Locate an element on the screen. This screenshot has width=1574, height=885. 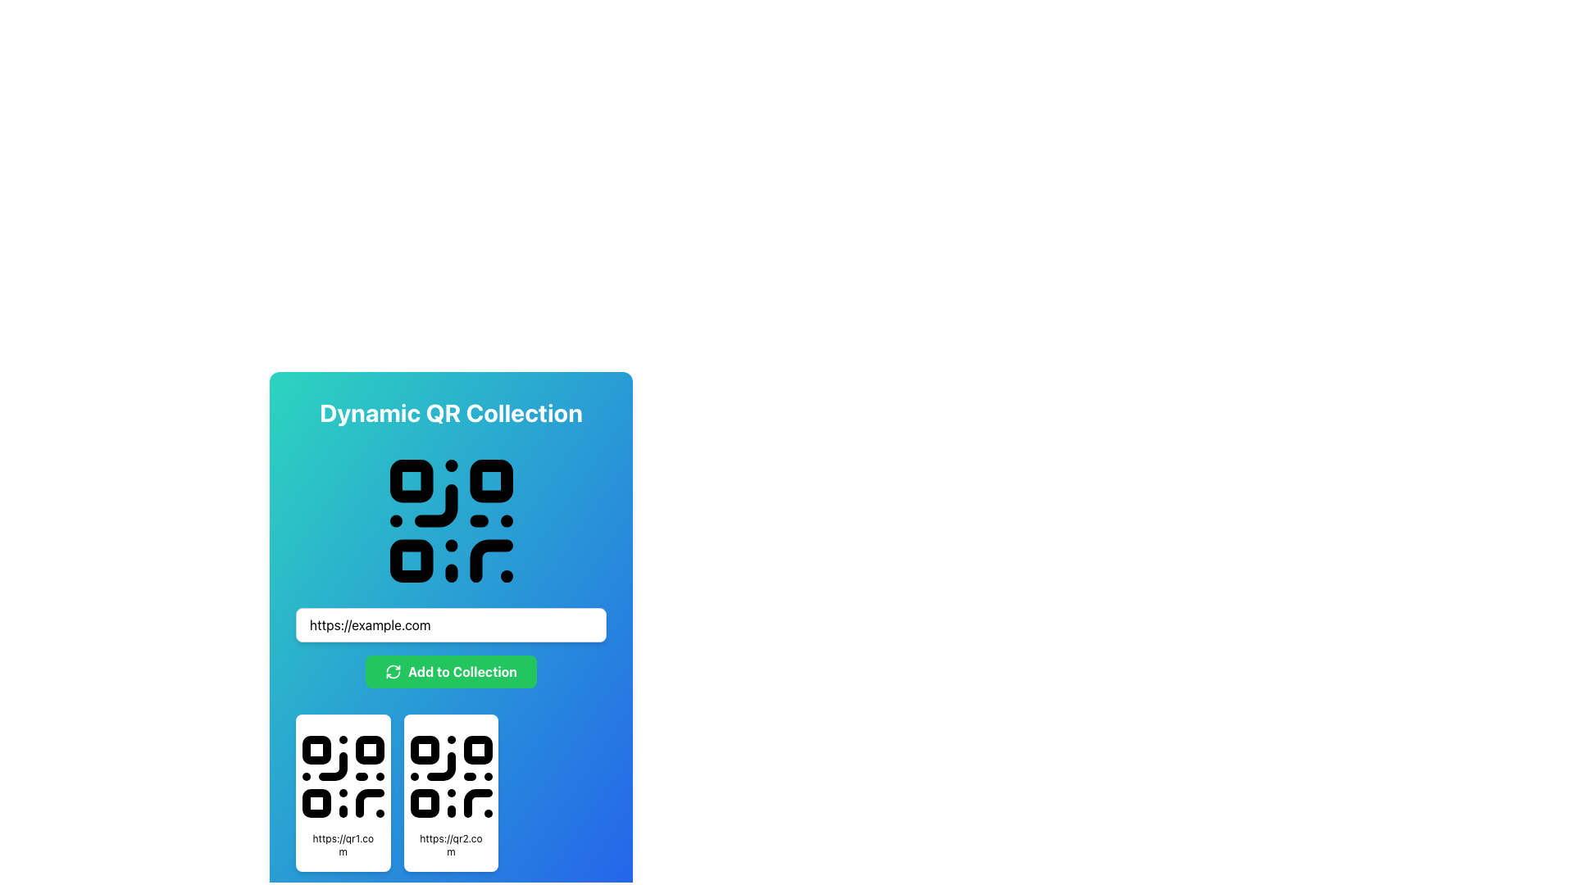
the top-left small square with rounded corners, black in color, located within the bottom-right QR code graphic, which is part of the design above the URL 'https://qr2.com' is located at coordinates (425, 749).